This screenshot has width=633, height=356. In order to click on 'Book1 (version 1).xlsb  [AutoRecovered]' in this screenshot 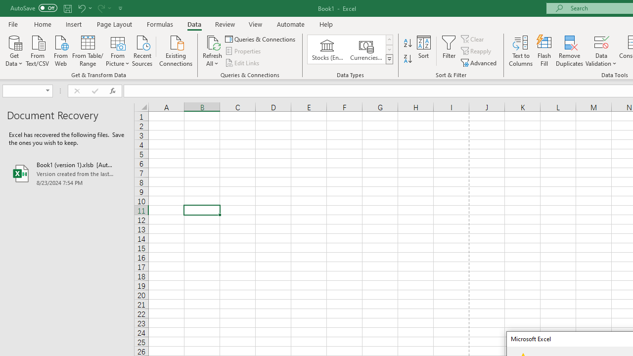, I will do `click(67, 173)`.